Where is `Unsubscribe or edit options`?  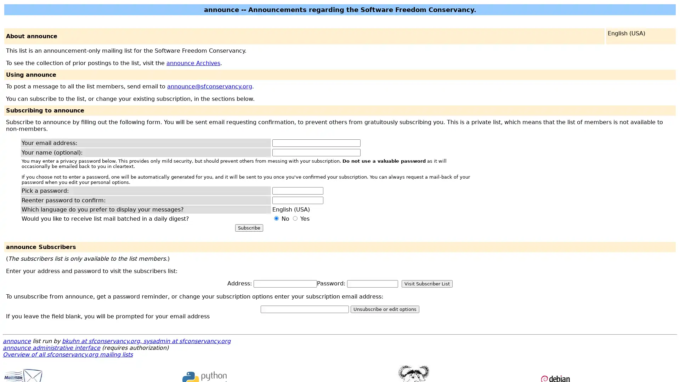
Unsubscribe or edit options is located at coordinates (384, 309).